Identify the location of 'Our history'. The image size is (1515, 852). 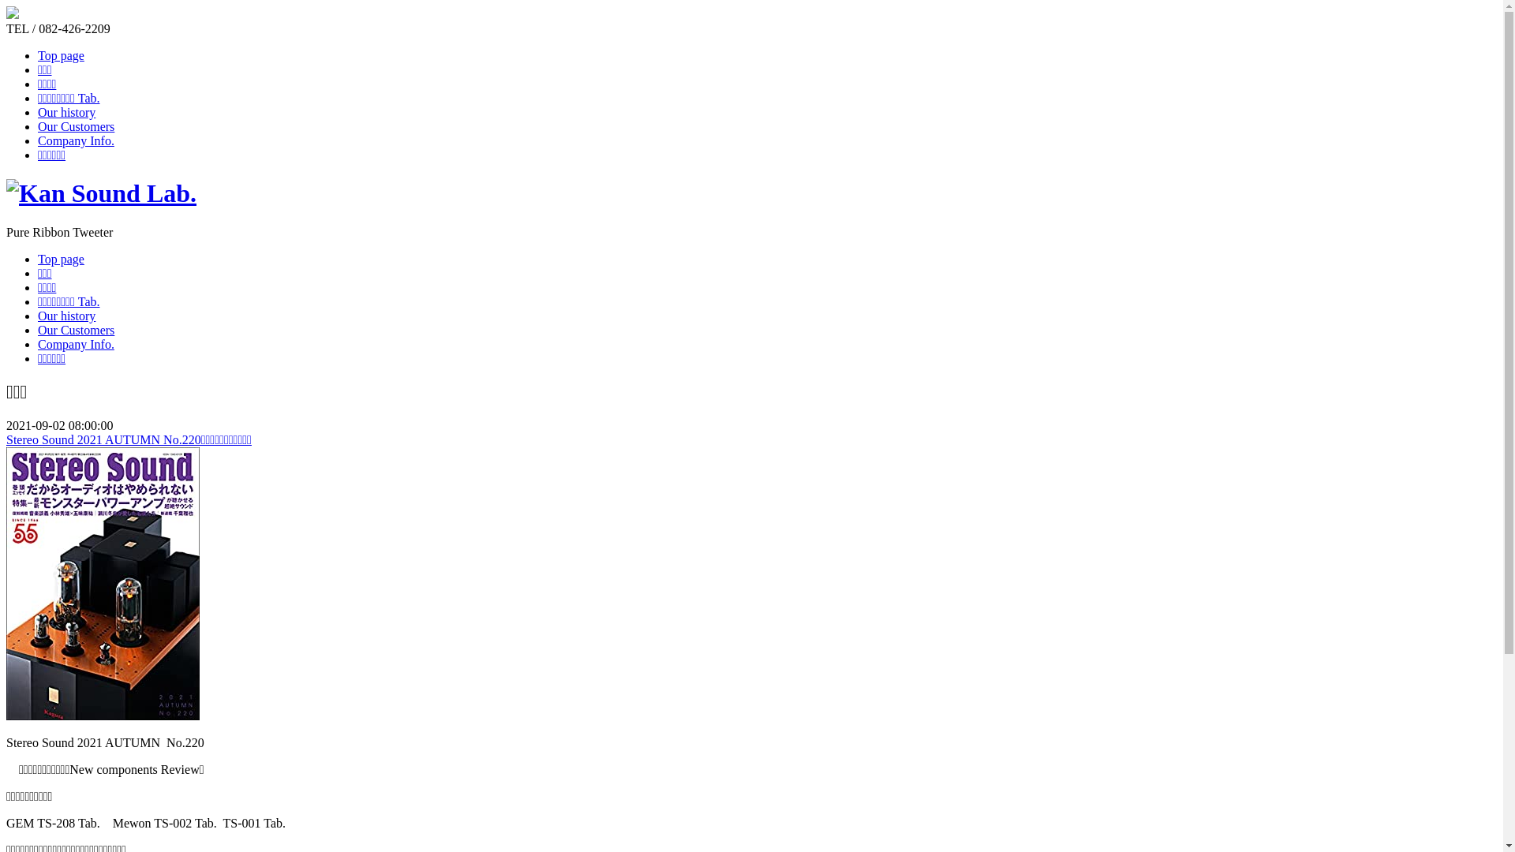
(65, 111).